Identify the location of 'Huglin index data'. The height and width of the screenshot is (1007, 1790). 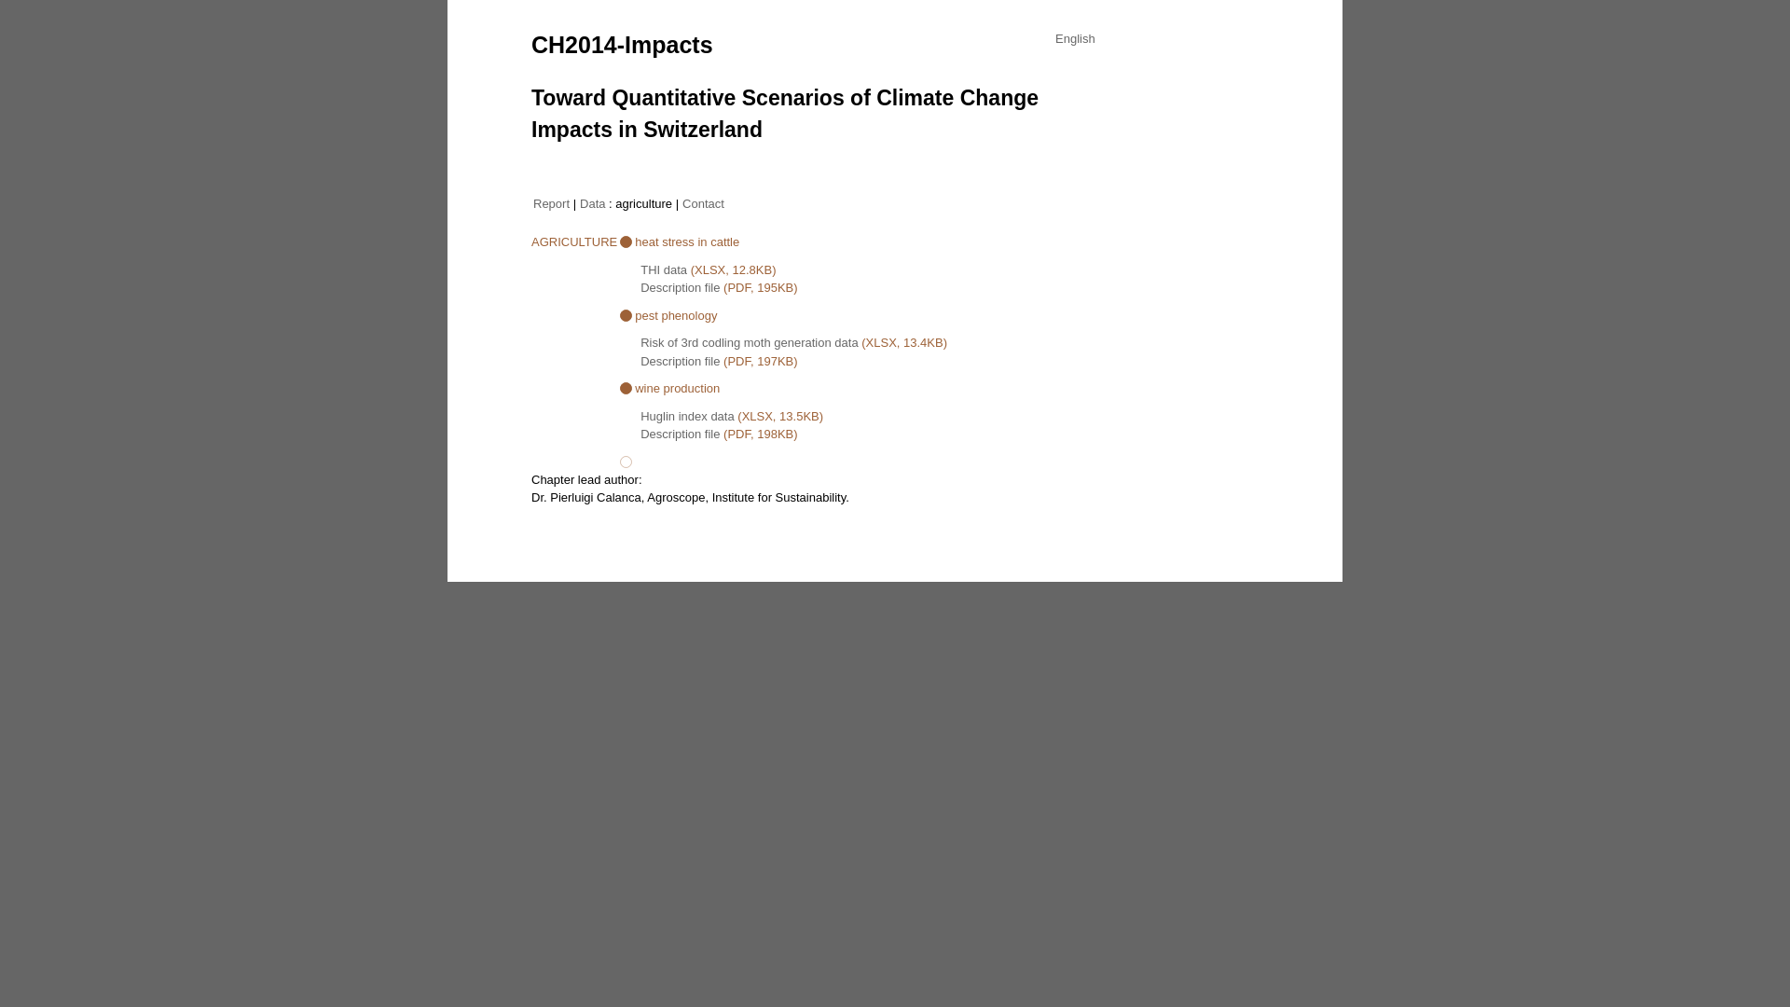
(686, 414).